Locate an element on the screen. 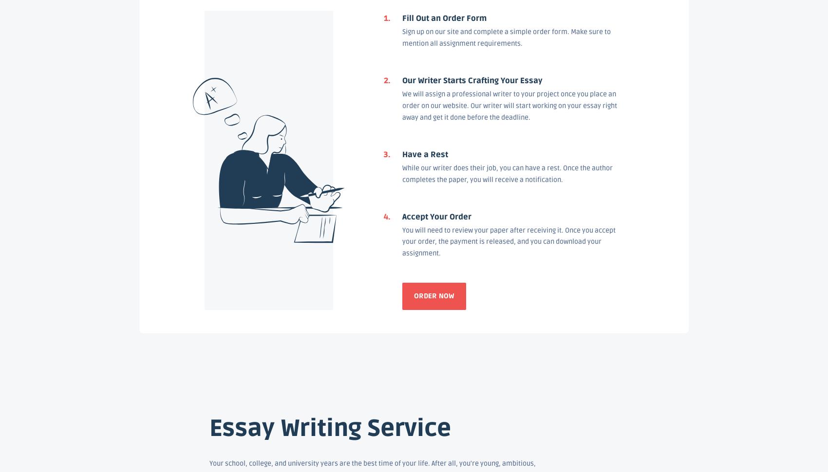 The width and height of the screenshot is (828, 472). 'You will need to review your paper after receiving it. Once you accept your order, the payment is released, and you can download your assignment.' is located at coordinates (508, 241).